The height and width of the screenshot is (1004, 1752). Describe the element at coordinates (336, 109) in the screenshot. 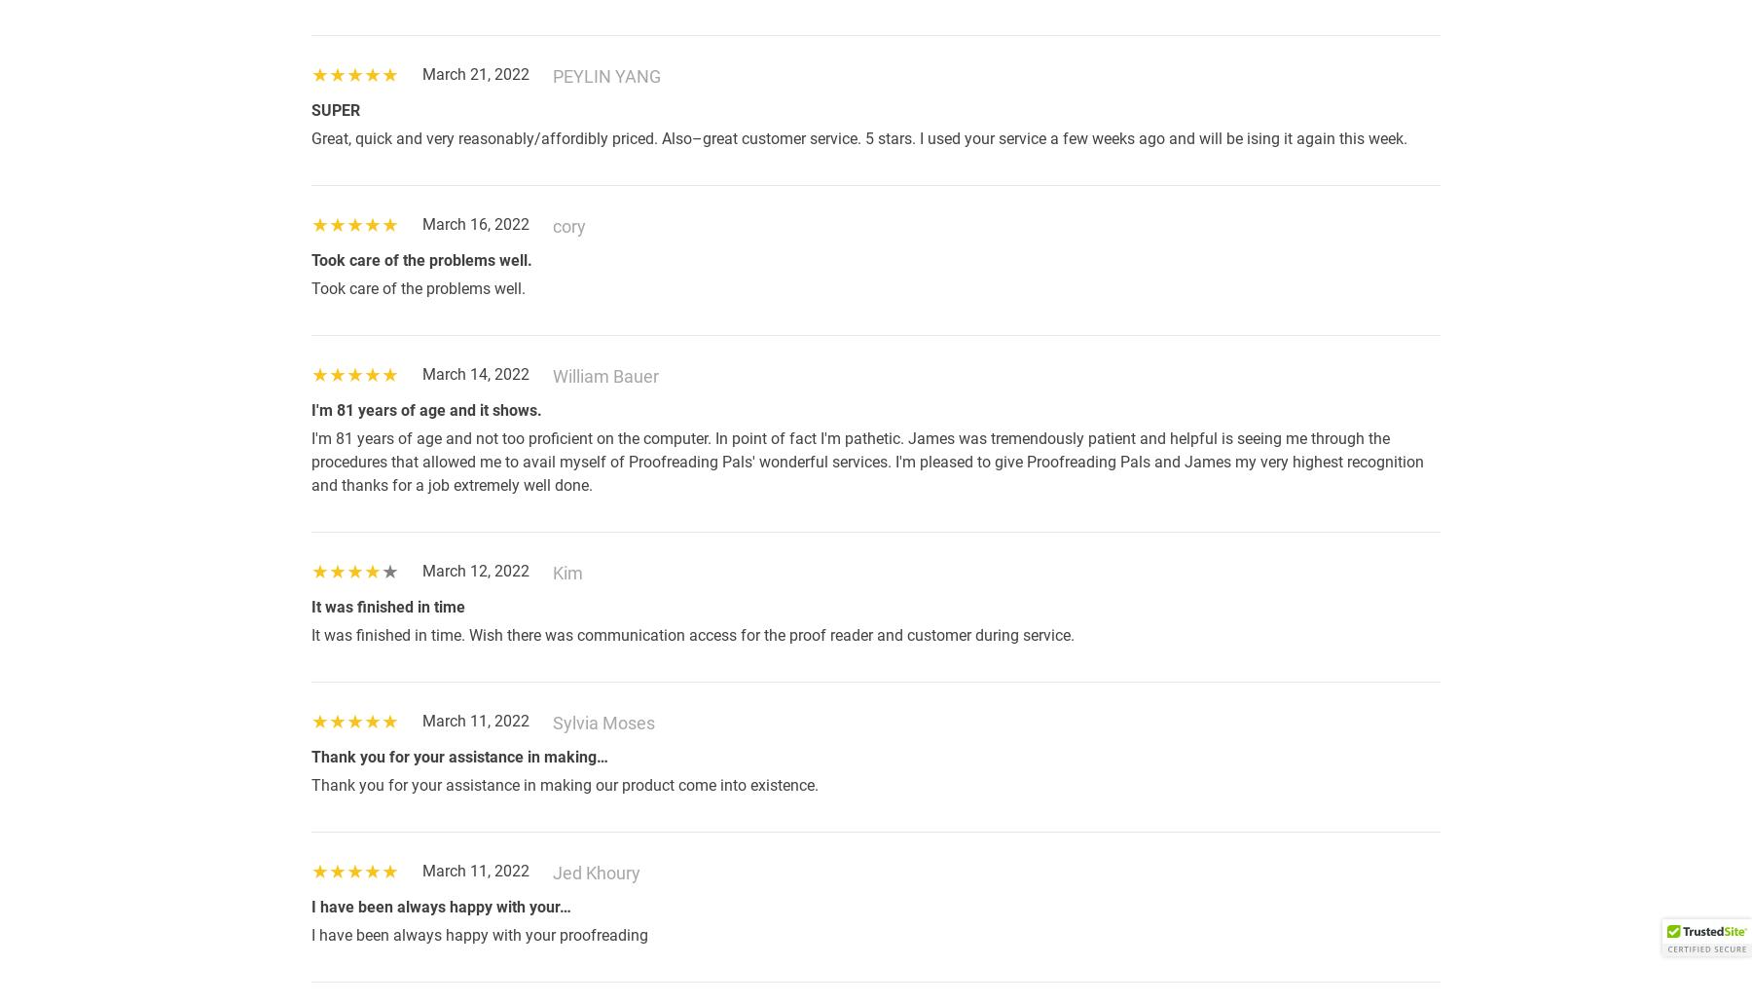

I see `'SUPER'` at that location.